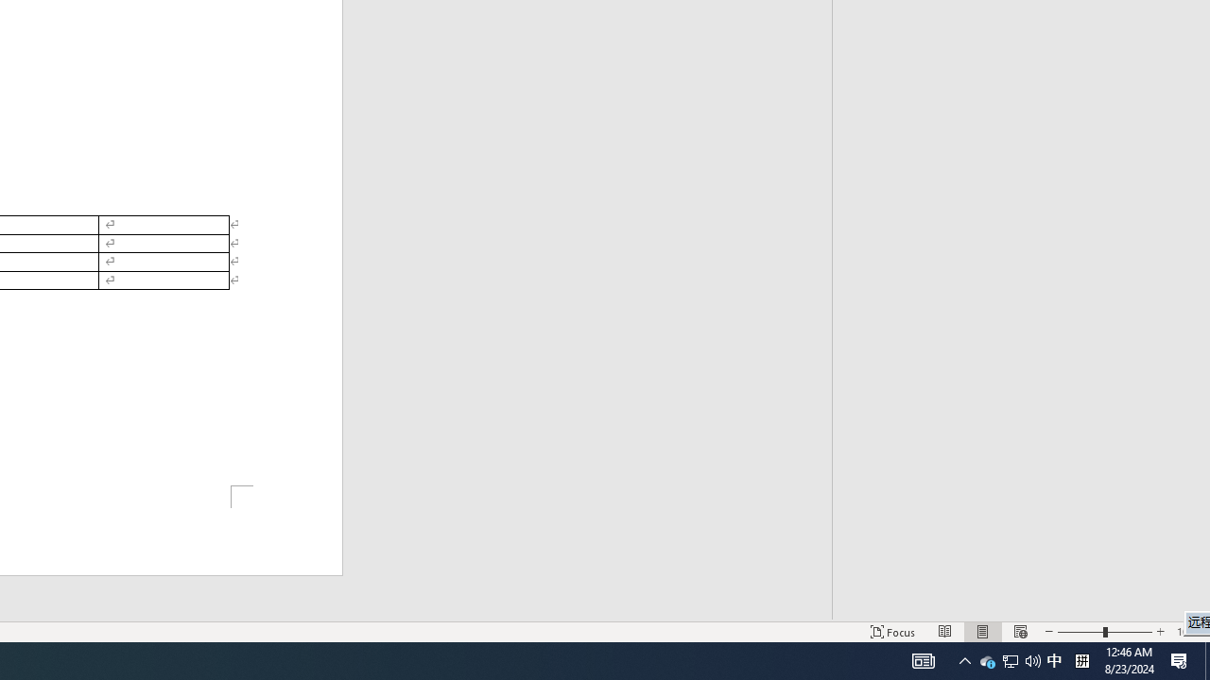 The width and height of the screenshot is (1210, 680). What do you see at coordinates (1159, 632) in the screenshot?
I see `'Zoom In'` at bounding box center [1159, 632].